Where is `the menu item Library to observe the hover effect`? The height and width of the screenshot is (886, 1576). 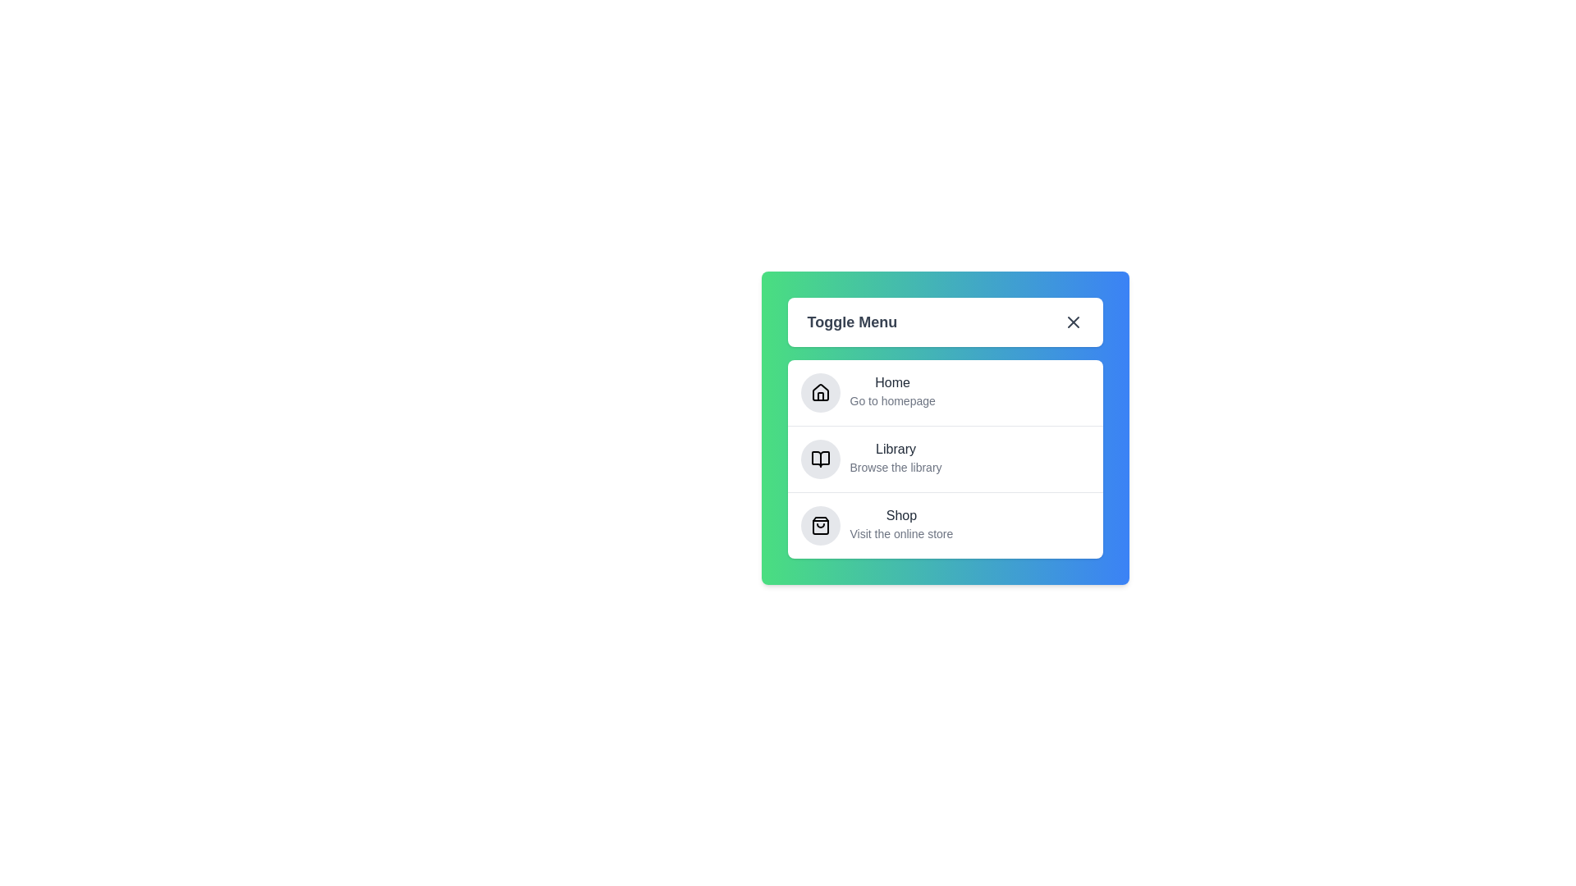 the menu item Library to observe the hover effect is located at coordinates (901, 451).